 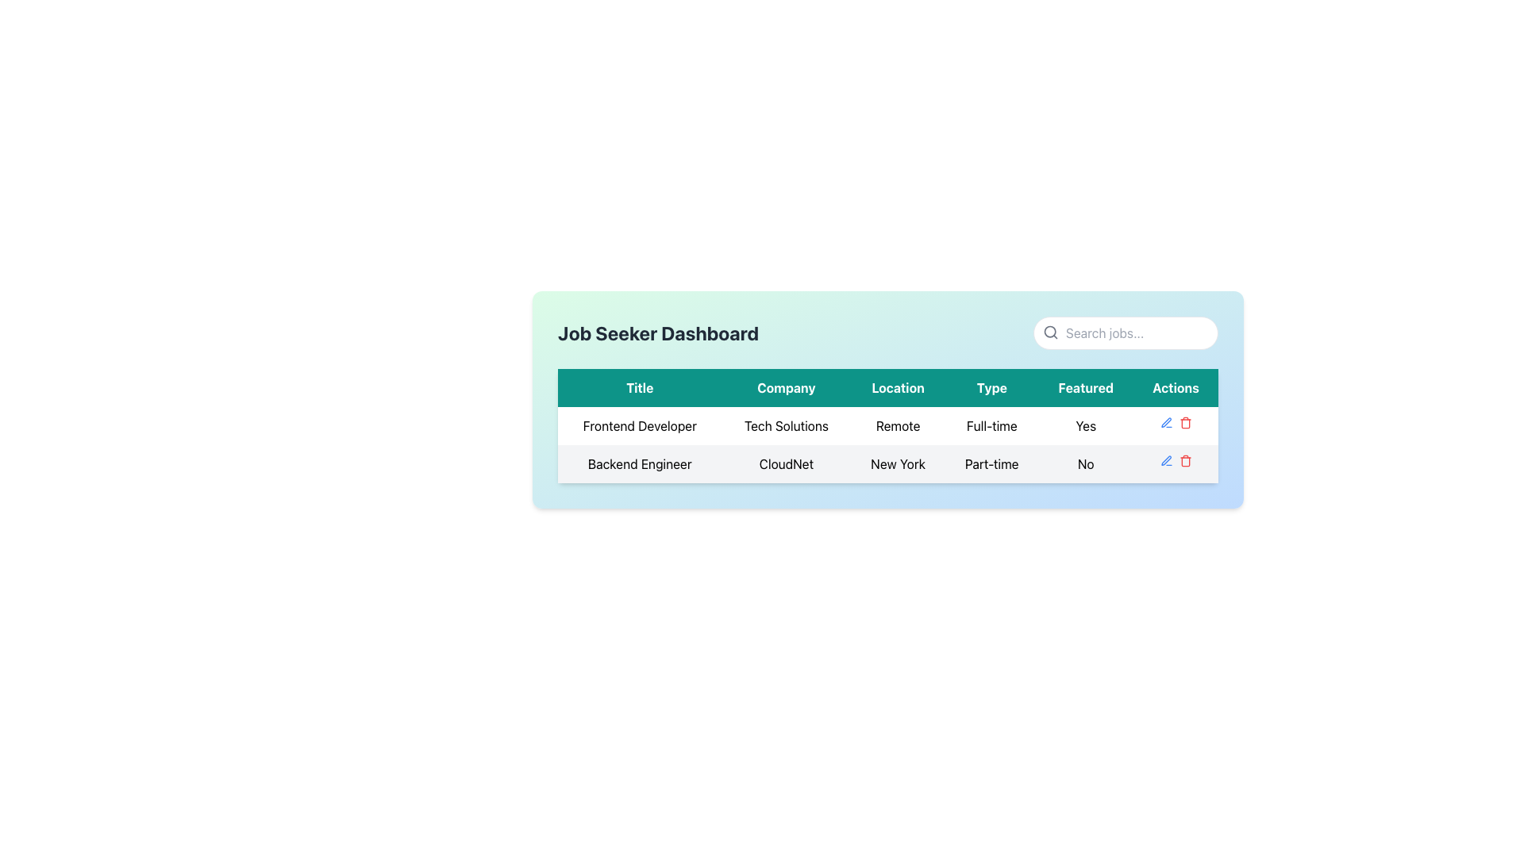 What do you see at coordinates (1166, 421) in the screenshot?
I see `the Icon Button for editing the 'Backend Engineer' job entry` at bounding box center [1166, 421].